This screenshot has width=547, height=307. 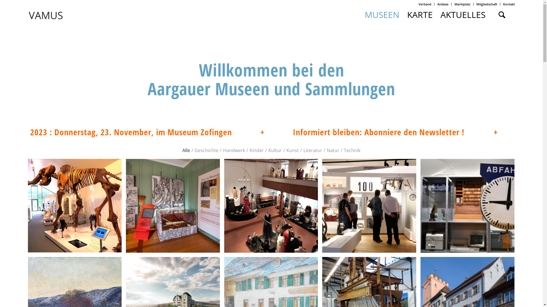 I want to click on 'Hexenmuseum', so click(x=175, y=207).